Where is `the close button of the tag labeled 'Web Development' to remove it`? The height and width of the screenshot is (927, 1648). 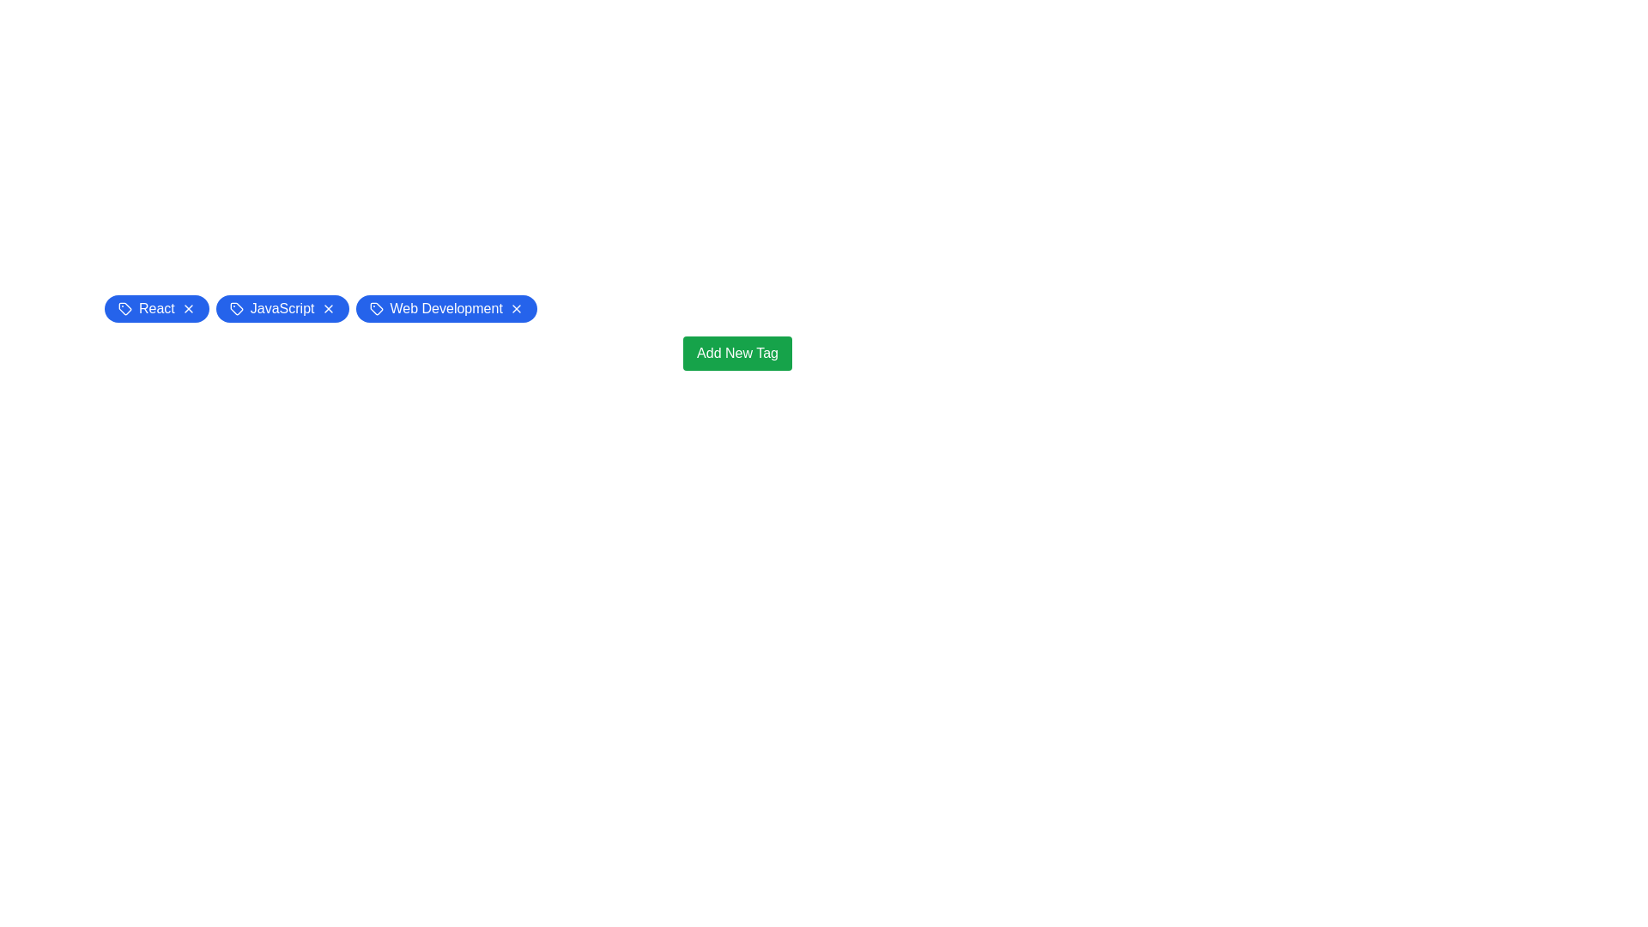
the close button of the tag labeled 'Web Development' to remove it is located at coordinates (515, 307).